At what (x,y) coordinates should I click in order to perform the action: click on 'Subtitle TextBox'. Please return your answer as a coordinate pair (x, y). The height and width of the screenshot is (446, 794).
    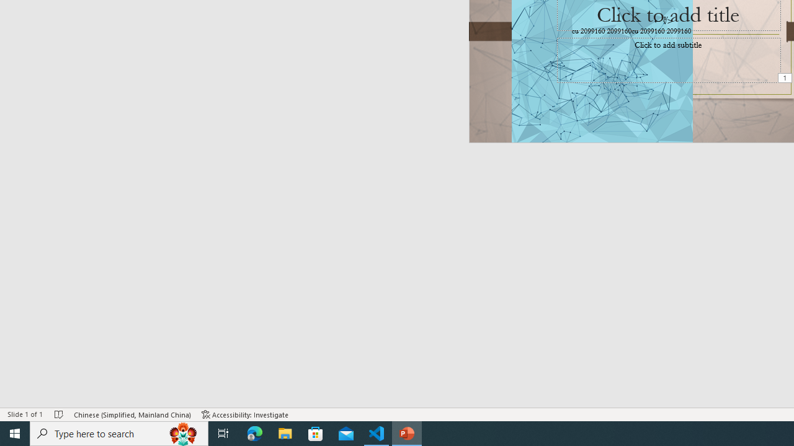
    Looking at the image, I should click on (669, 60).